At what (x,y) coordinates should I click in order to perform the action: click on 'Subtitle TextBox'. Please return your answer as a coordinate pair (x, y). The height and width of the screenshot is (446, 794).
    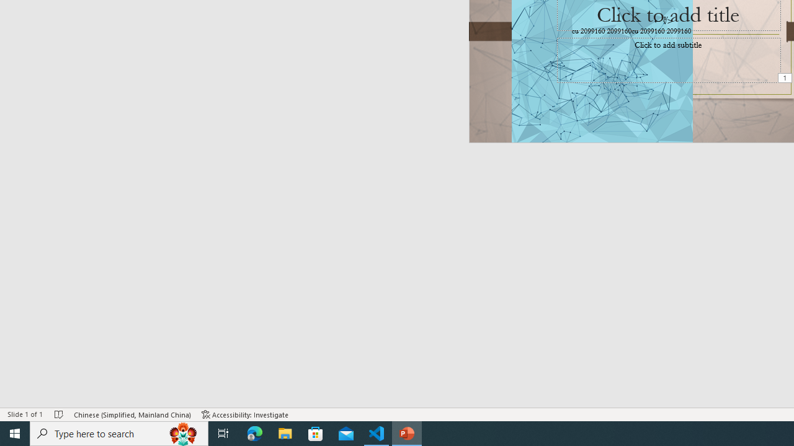
    Looking at the image, I should click on (669, 60).